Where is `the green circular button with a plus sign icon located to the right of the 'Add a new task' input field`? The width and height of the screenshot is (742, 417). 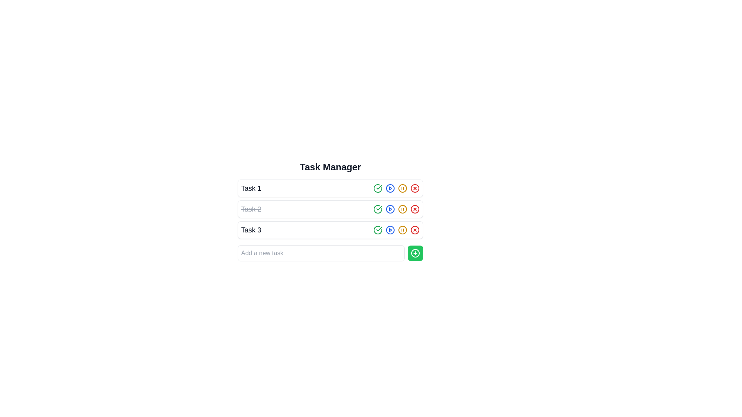
the green circular button with a plus sign icon located to the right of the 'Add a new task' input field is located at coordinates (415, 253).